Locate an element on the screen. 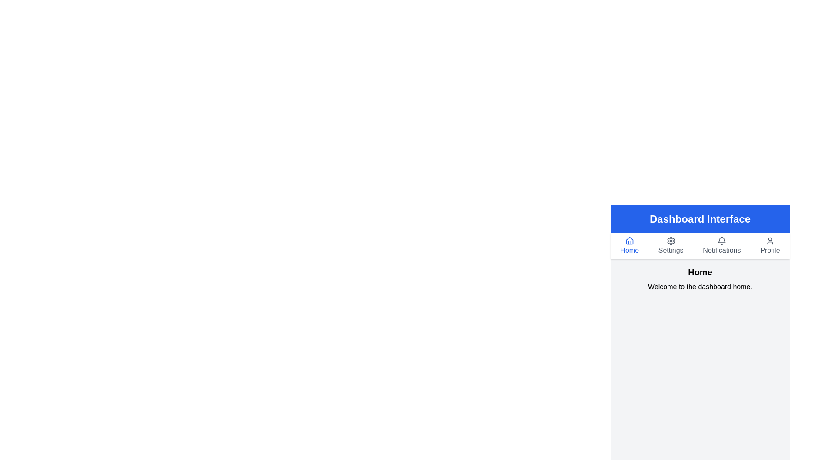  the 'Home' text label, which is displayed in blue and located below a house-shaped icon in the navigation tab of the Dashboard Interface is located at coordinates (629, 251).